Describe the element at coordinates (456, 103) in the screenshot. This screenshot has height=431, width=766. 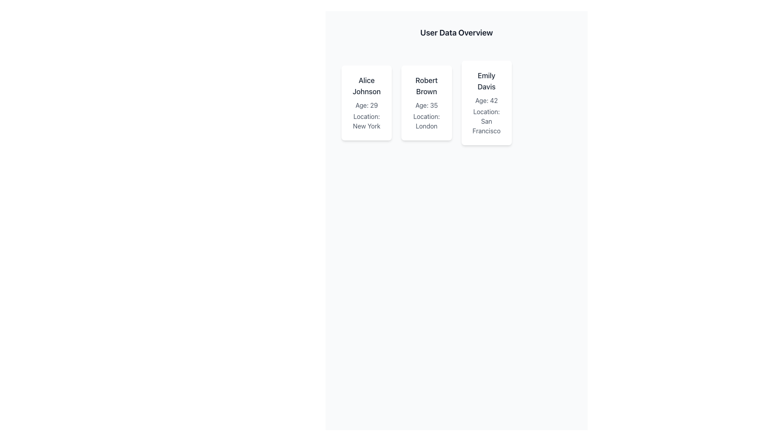
I see `a specific user card within the Data card group located below the 'User Data Overview' header by clicking on its center point` at that location.